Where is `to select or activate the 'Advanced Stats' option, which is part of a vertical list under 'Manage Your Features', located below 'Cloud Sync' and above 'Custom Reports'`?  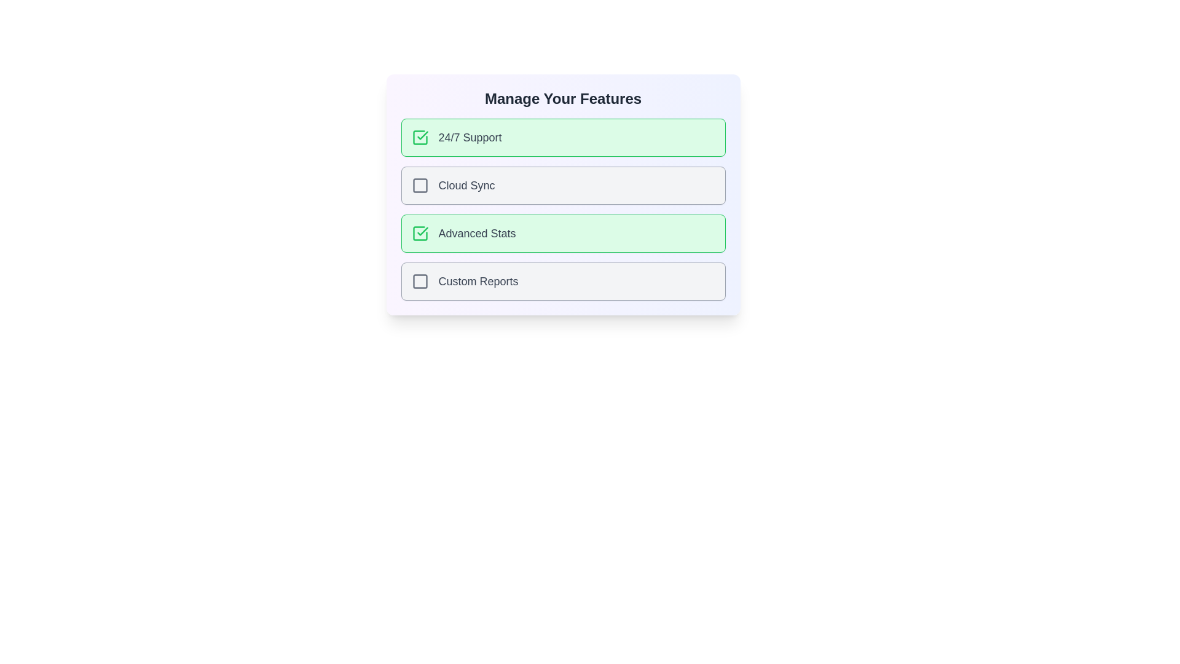 to select or activate the 'Advanced Stats' option, which is part of a vertical list under 'Manage Your Features', located below 'Cloud Sync' and above 'Custom Reports' is located at coordinates (463, 234).